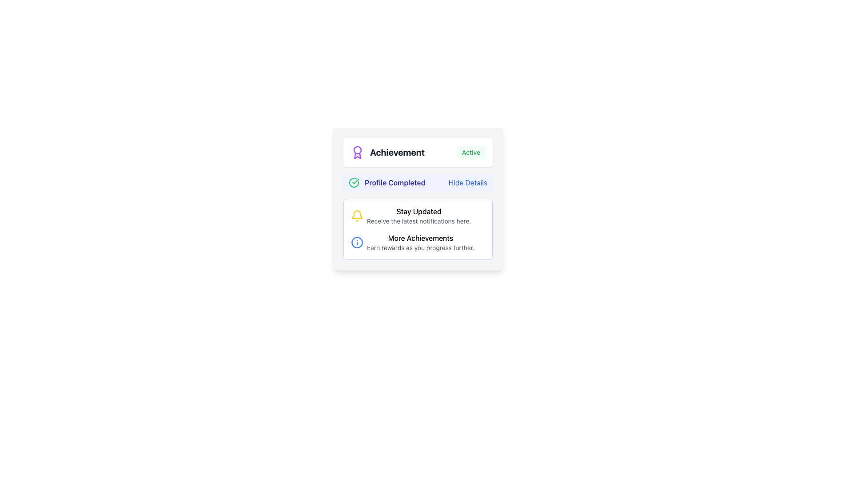 The image size is (853, 479). I want to click on the achievement icon located on the left side of the 'Achievement' title text in the header of the achievement section, so click(358, 152).